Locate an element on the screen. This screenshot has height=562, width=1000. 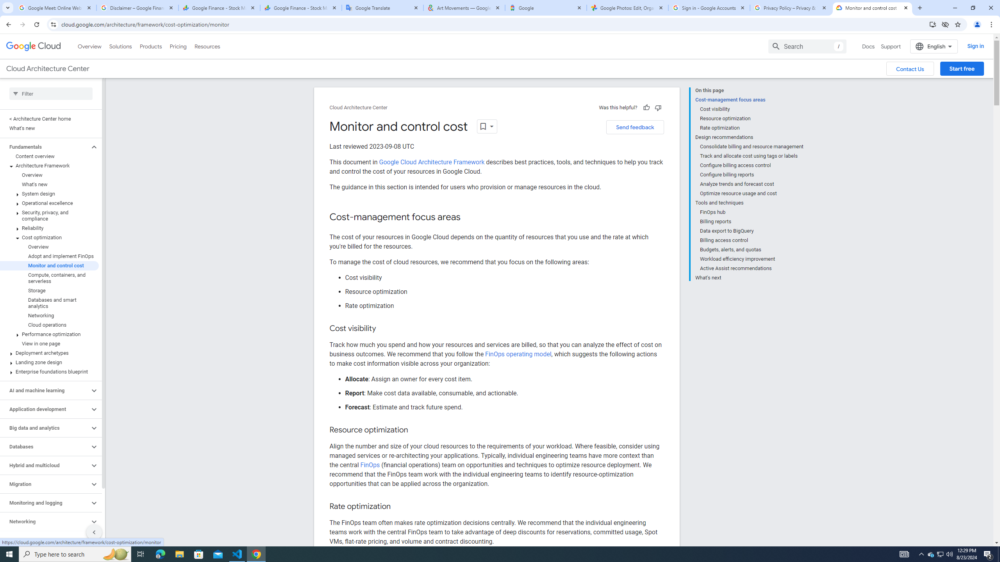
'Security, privacy, and compliance' is located at coordinates (49, 215).